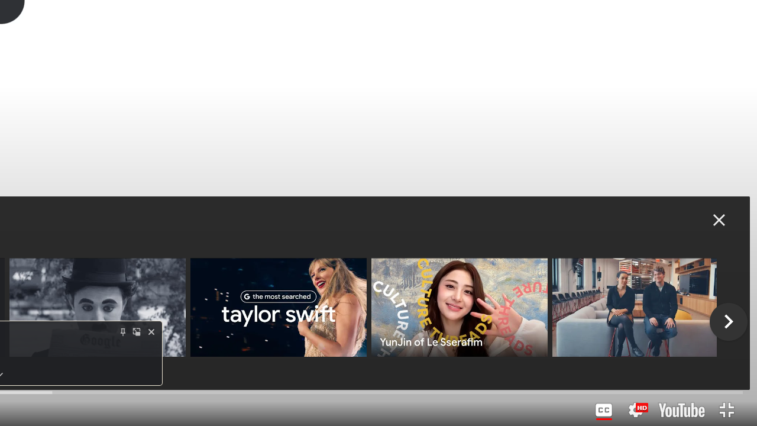 The height and width of the screenshot is (426, 757). Describe the element at coordinates (728, 321) in the screenshot. I see `'Show more suggested videos'` at that location.